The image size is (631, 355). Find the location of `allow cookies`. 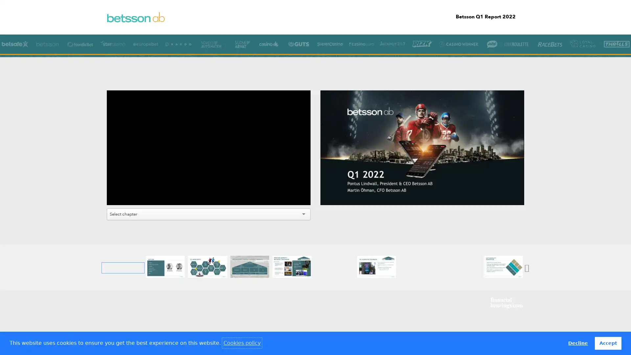

allow cookies is located at coordinates (608, 343).